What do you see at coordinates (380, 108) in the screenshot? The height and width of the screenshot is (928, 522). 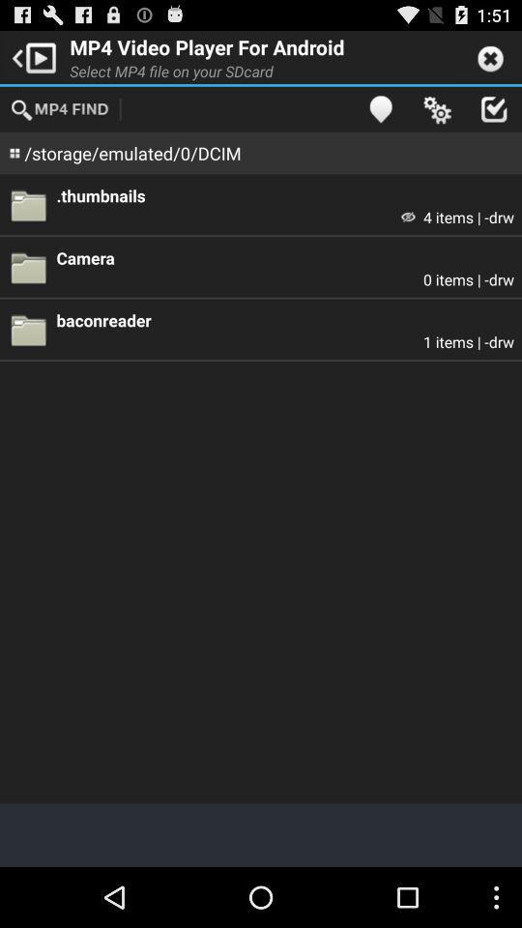 I see `the icon above .thumbnails icon` at bounding box center [380, 108].